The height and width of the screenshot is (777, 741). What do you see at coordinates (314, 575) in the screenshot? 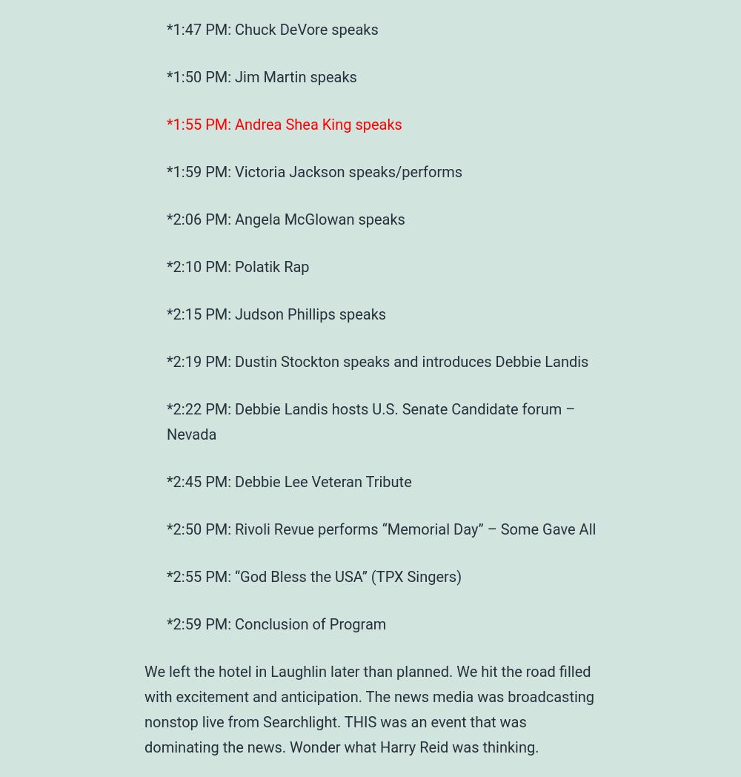
I see `'*2:55 PM: “God Bless the USA” (TPX Singers)'` at bounding box center [314, 575].